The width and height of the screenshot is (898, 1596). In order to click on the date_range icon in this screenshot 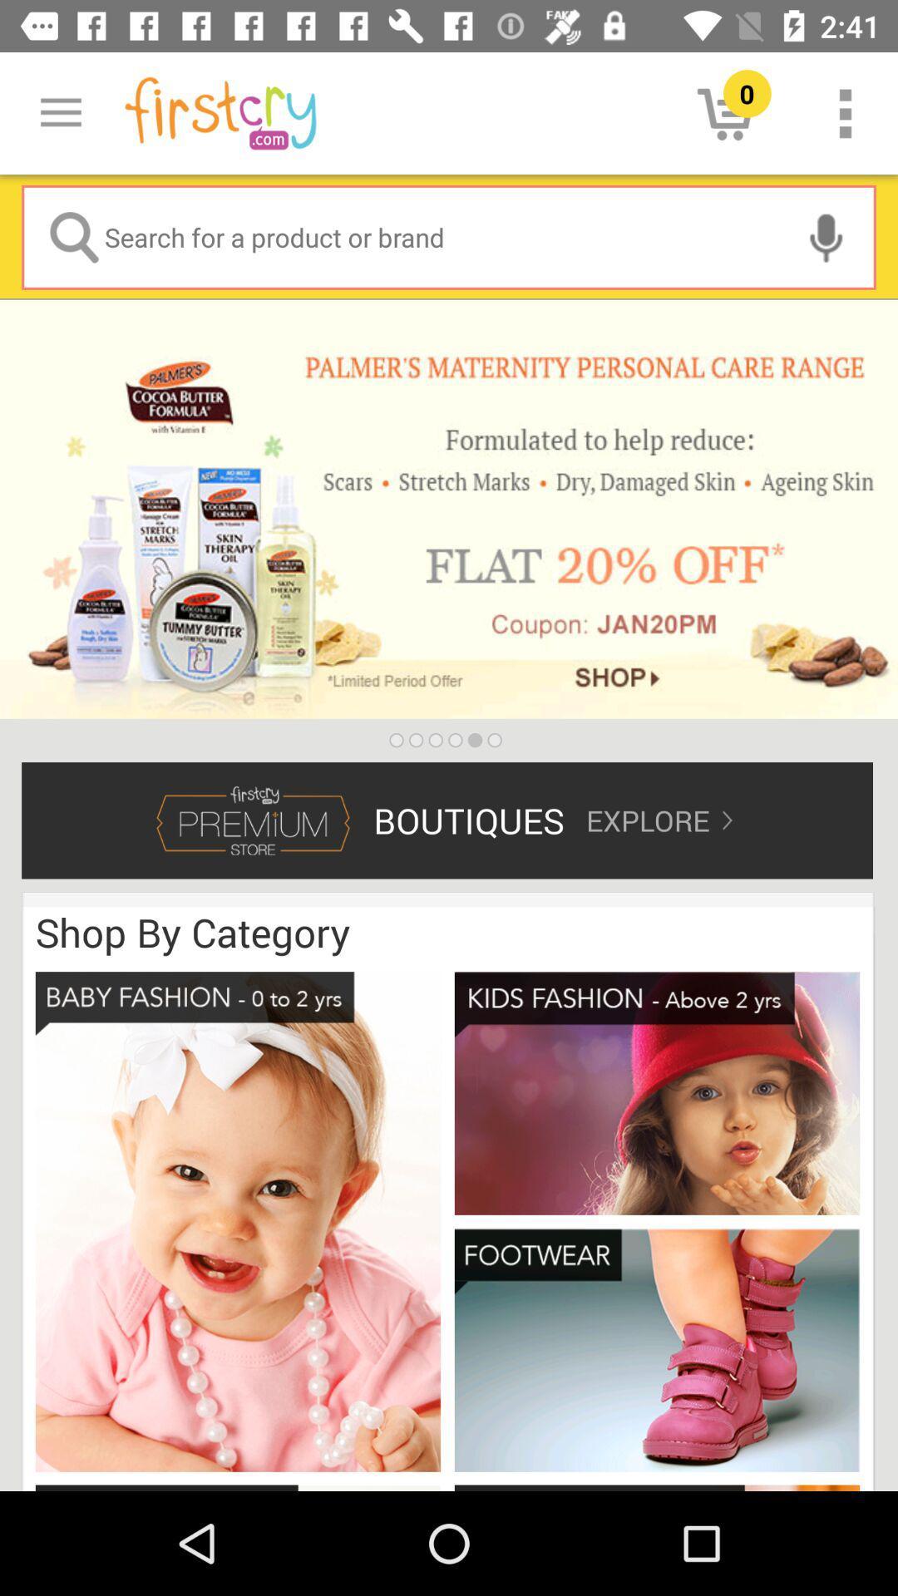, I will do `click(238, 1488)`.